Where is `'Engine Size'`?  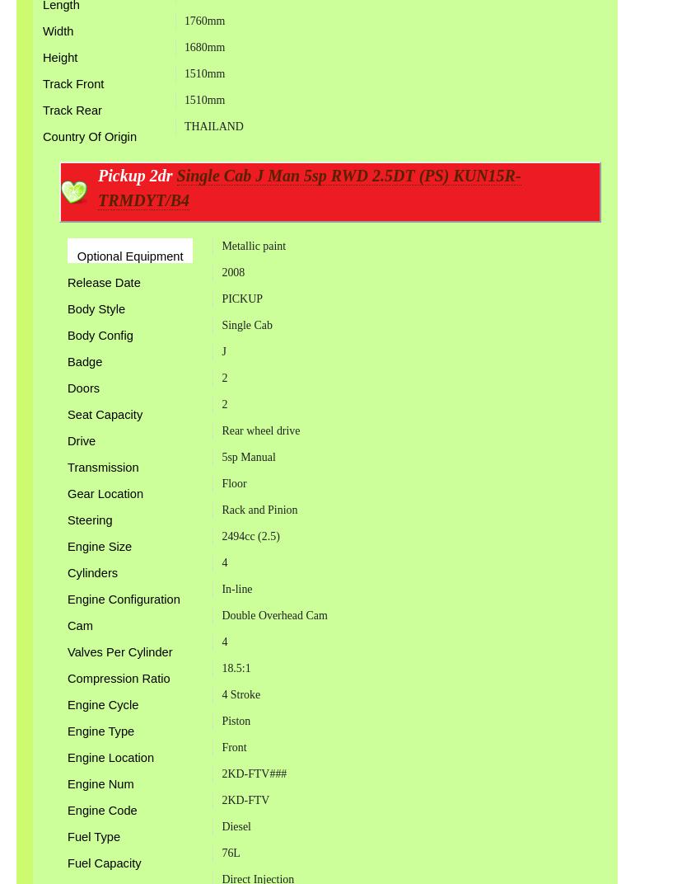 'Engine Size' is located at coordinates (100, 545).